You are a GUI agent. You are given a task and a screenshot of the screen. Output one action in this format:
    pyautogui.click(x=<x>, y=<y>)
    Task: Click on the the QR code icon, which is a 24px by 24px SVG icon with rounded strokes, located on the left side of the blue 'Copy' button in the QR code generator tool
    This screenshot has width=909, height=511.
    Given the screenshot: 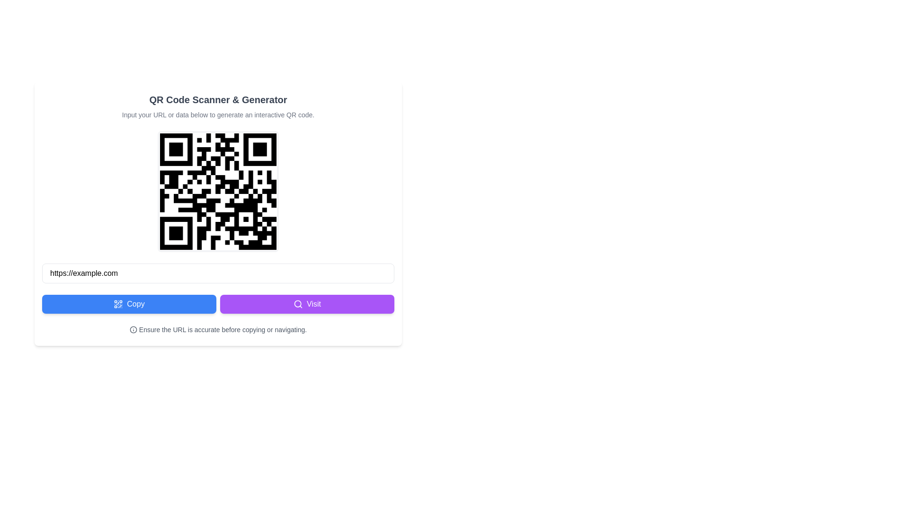 What is the action you would take?
    pyautogui.click(x=118, y=304)
    